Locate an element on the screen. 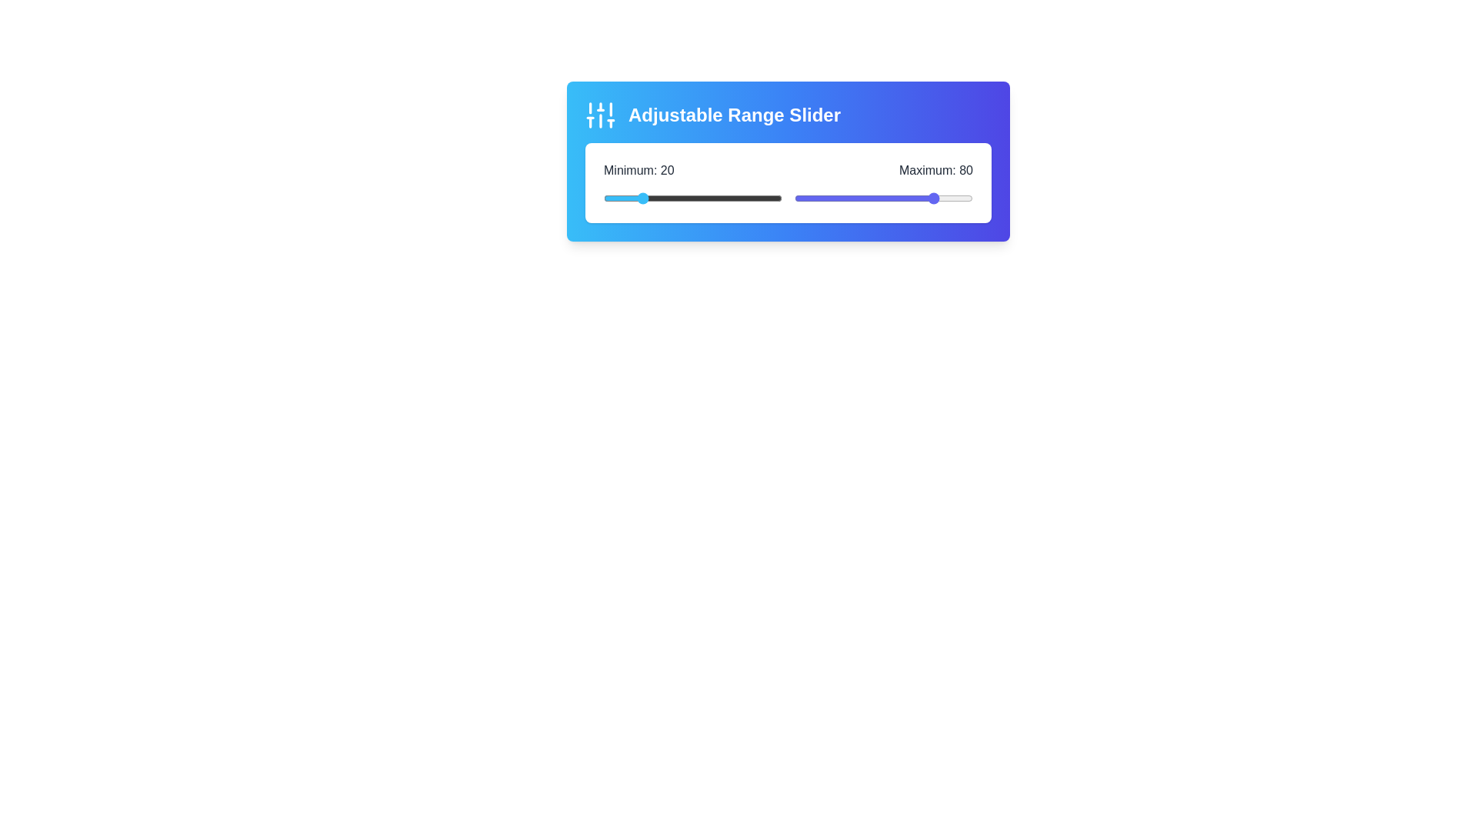 The width and height of the screenshot is (1477, 831). the handle of the range slider input element, which is positioned is located at coordinates (883, 198).